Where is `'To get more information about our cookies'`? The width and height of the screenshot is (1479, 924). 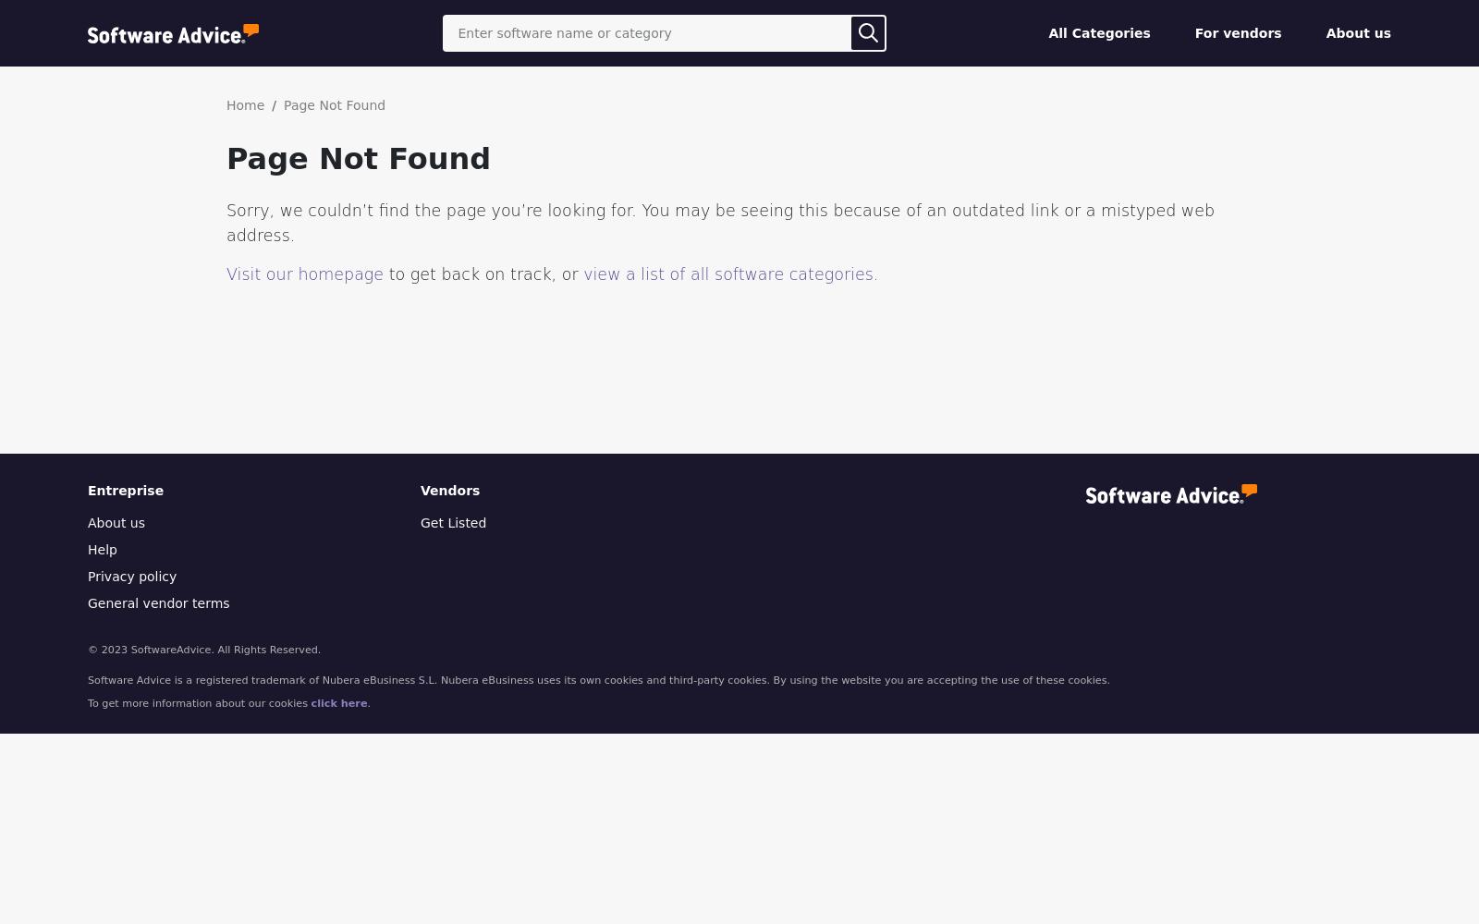
'To get more information about our cookies' is located at coordinates (199, 702).